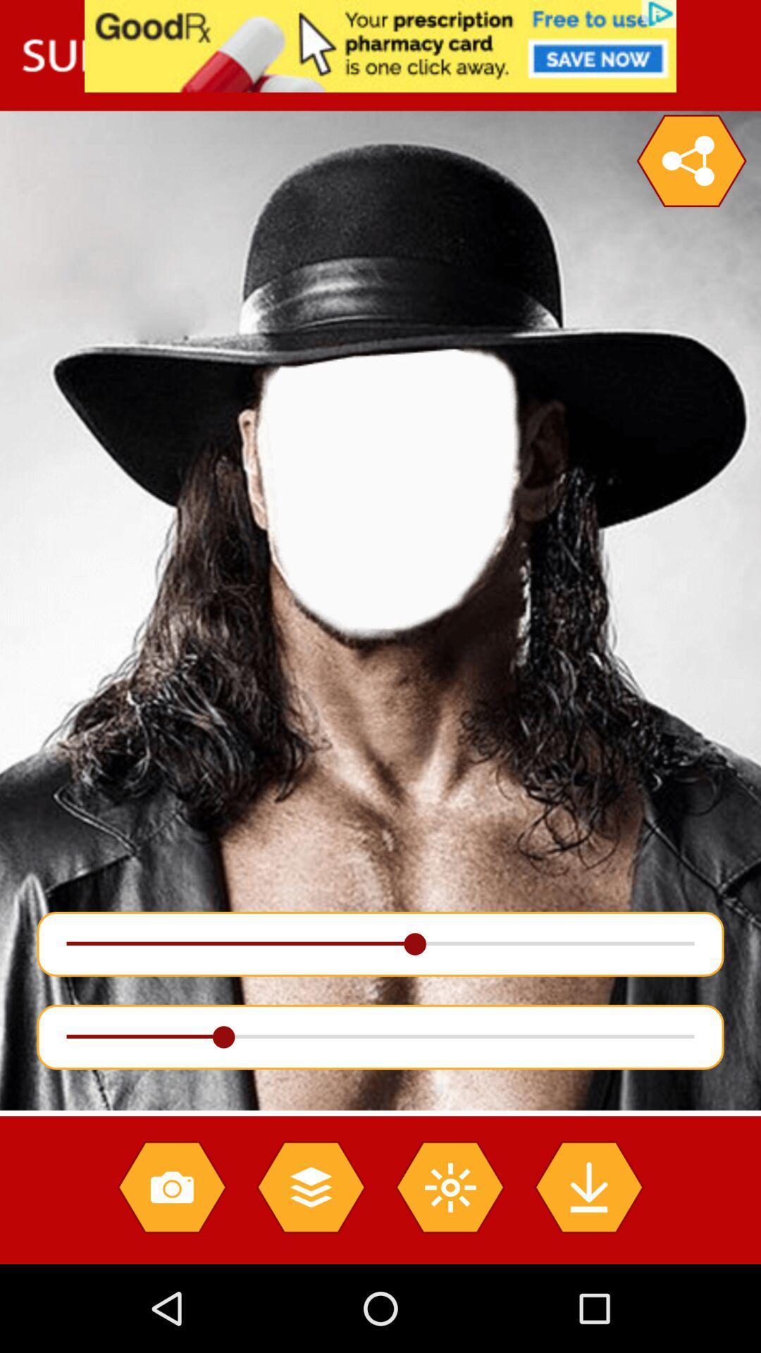 This screenshot has height=1353, width=761. Describe the element at coordinates (588, 1186) in the screenshot. I see `the file_download icon` at that location.